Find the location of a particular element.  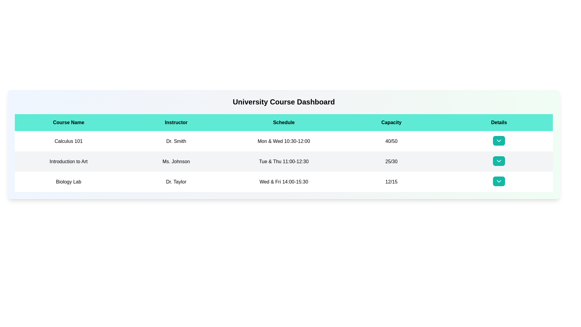

the teal rectangular button with a downward-pointing chevron icon in the 'Details' column of the 'Biology Lab' entry, located in the fifth column of the third row is located at coordinates (499, 181).